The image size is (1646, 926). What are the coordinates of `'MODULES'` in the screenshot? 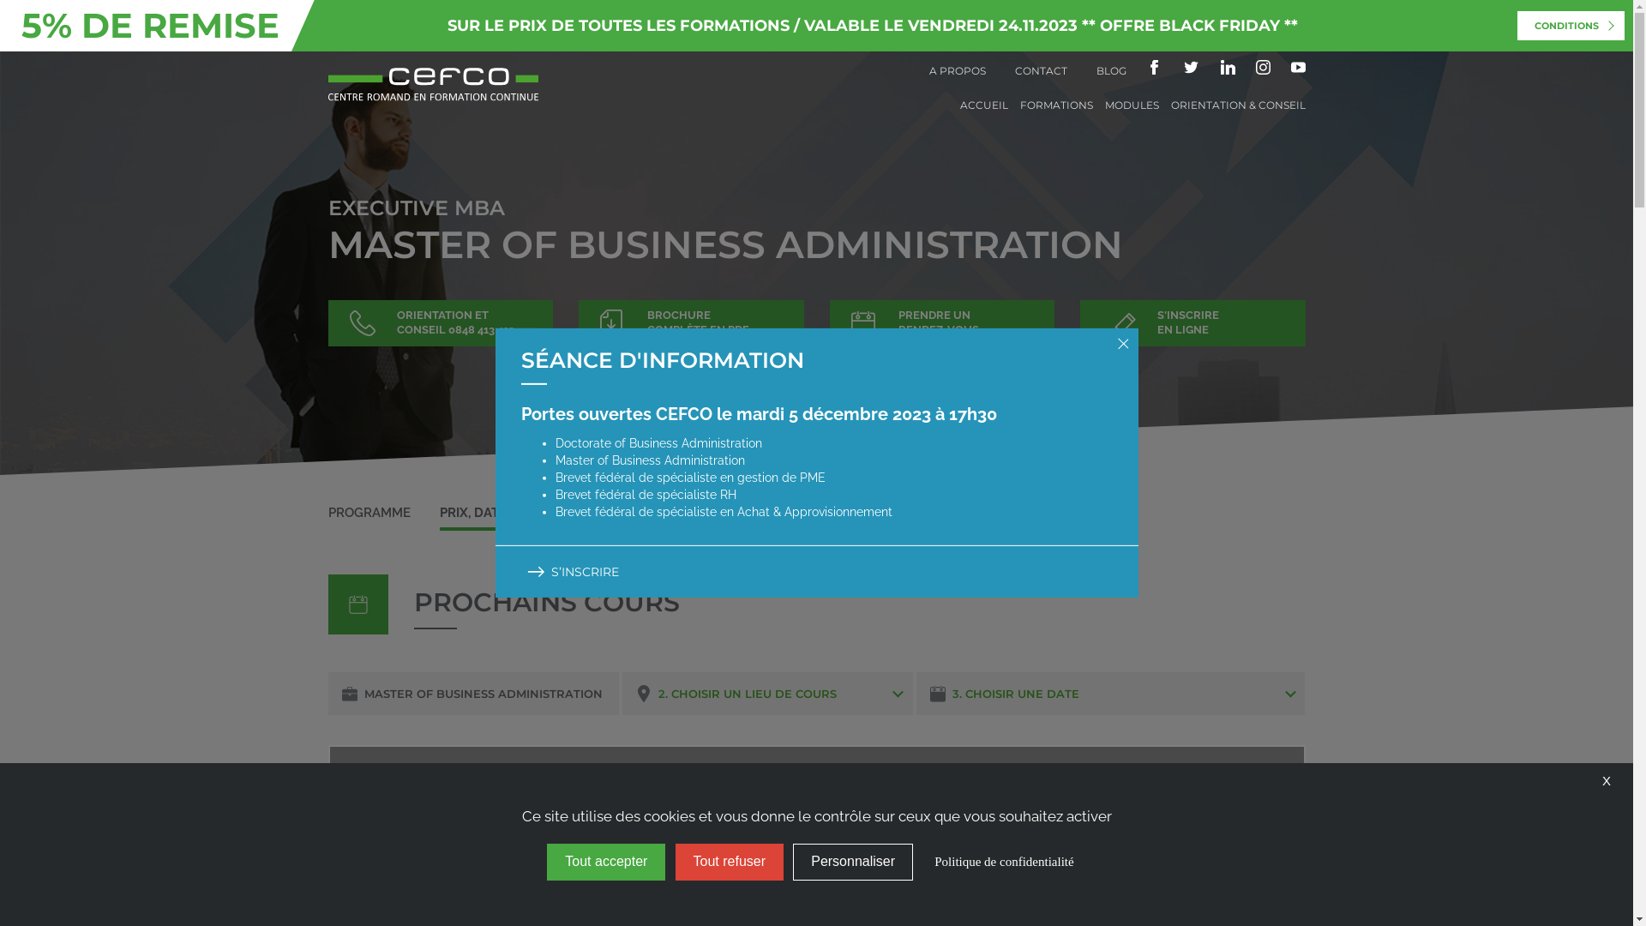 It's located at (1131, 105).